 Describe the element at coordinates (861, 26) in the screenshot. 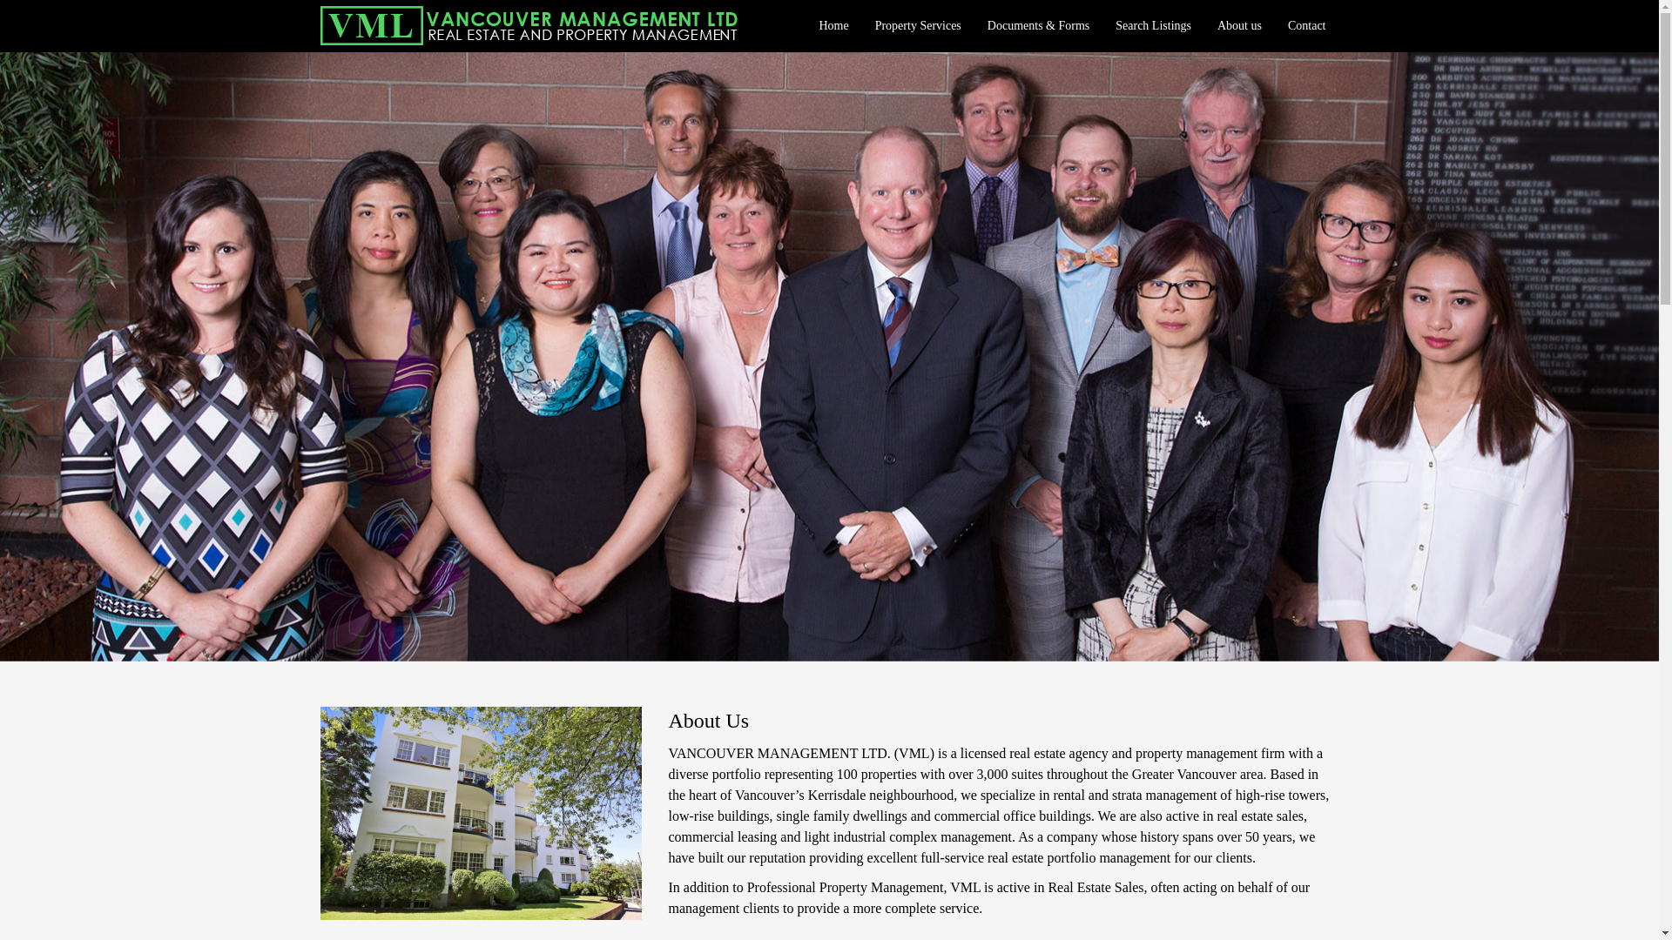

I see `'Property Services'` at that location.